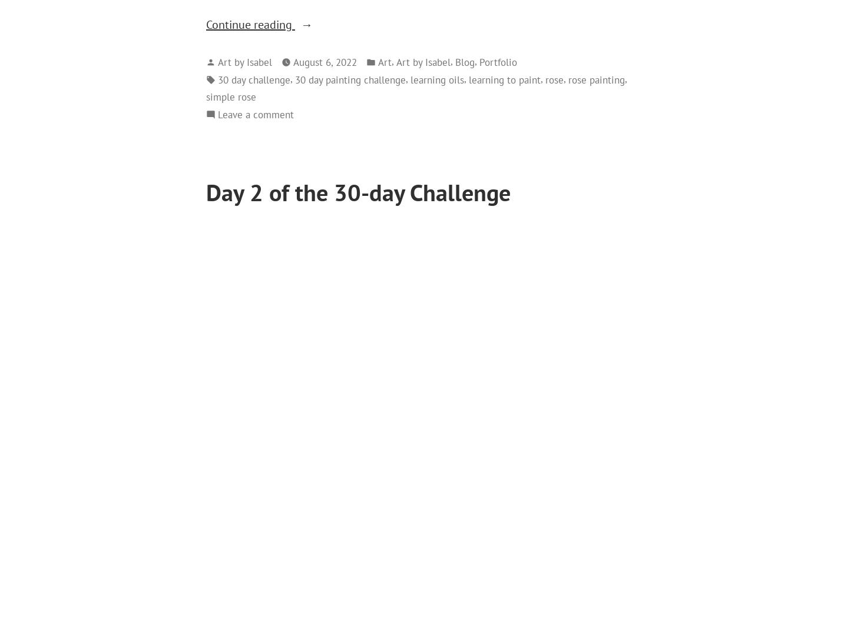 The image size is (854, 633). I want to click on 'Blog', so click(455, 61).